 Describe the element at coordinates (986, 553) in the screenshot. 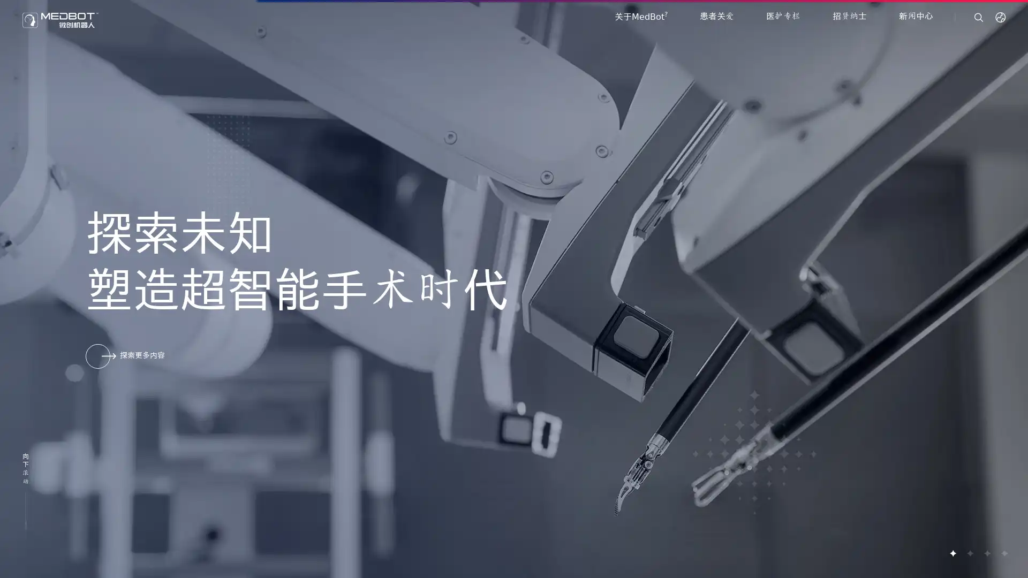

I see `Go to slide 3` at that location.